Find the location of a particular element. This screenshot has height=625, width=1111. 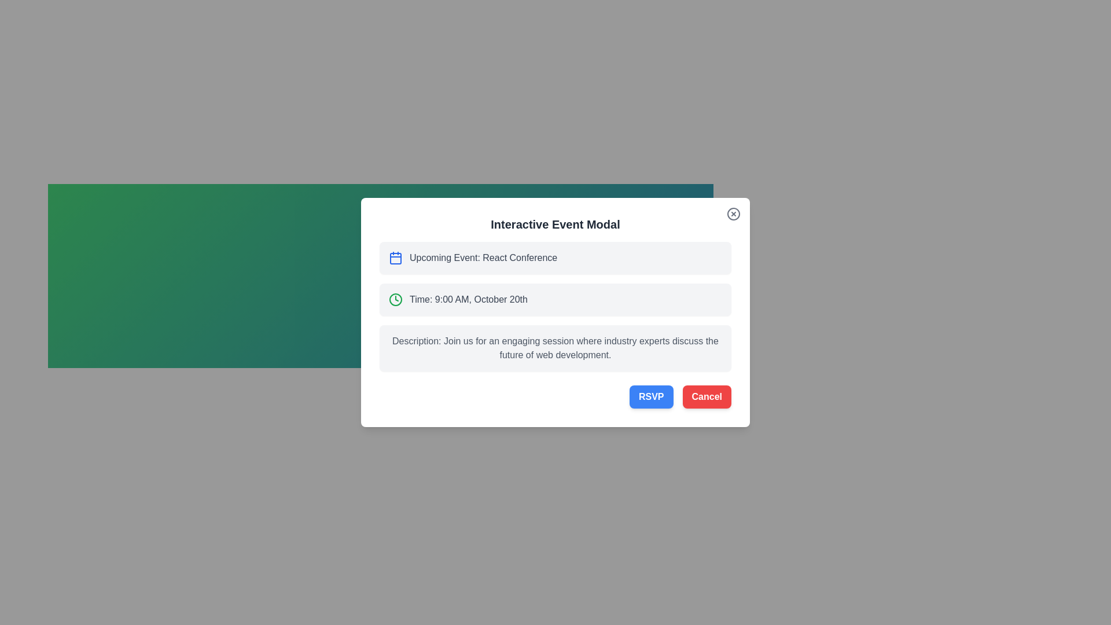

the red 'Cancel' button located in the bottom-right corner of the modal dialog to observe its color change is located at coordinates (706, 396).